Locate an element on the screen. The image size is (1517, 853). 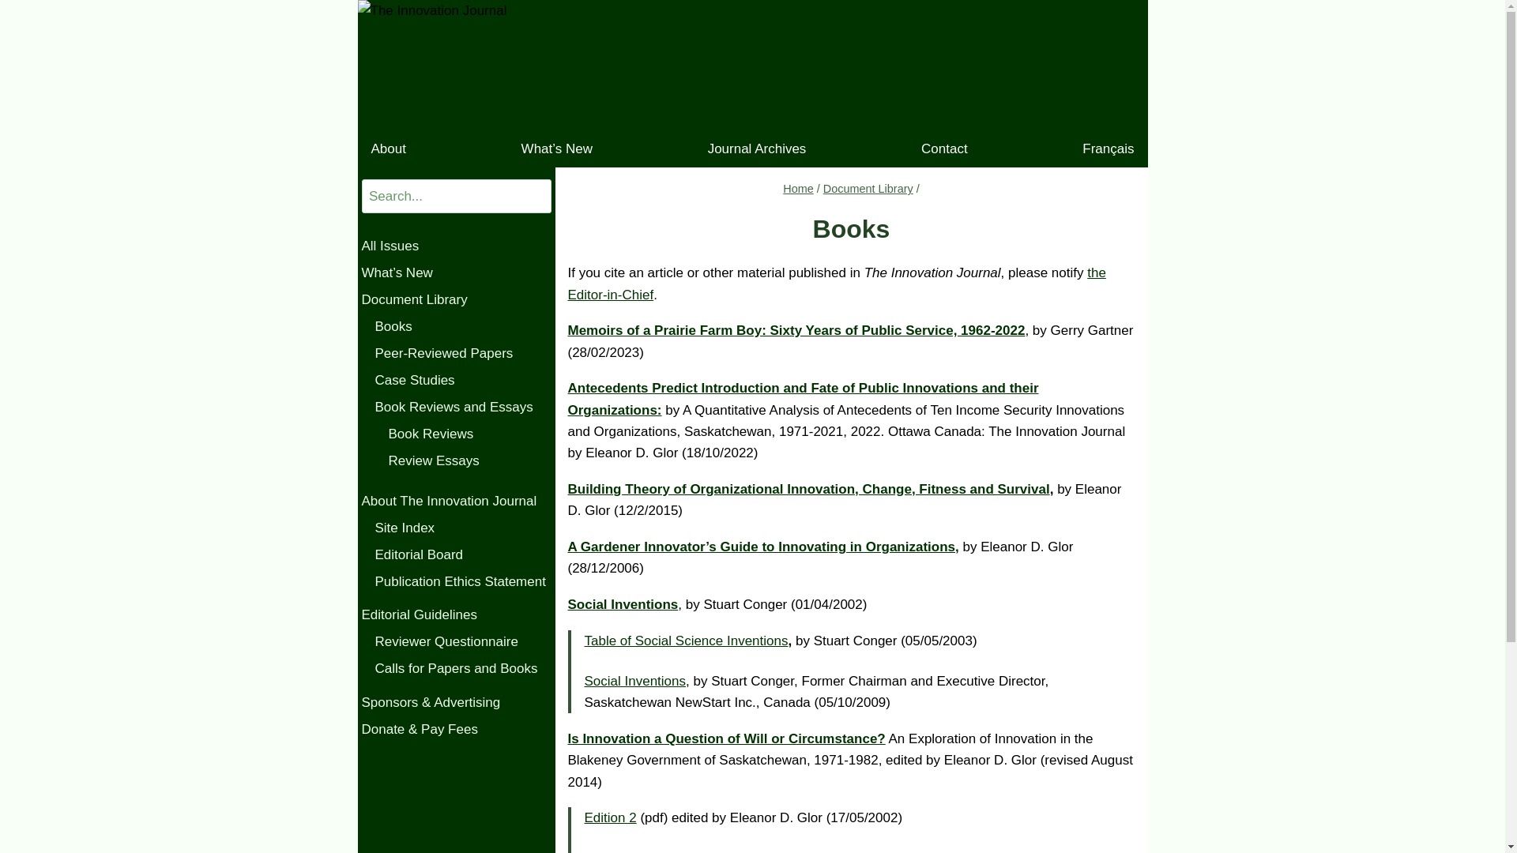
'Contact' is located at coordinates (944, 148).